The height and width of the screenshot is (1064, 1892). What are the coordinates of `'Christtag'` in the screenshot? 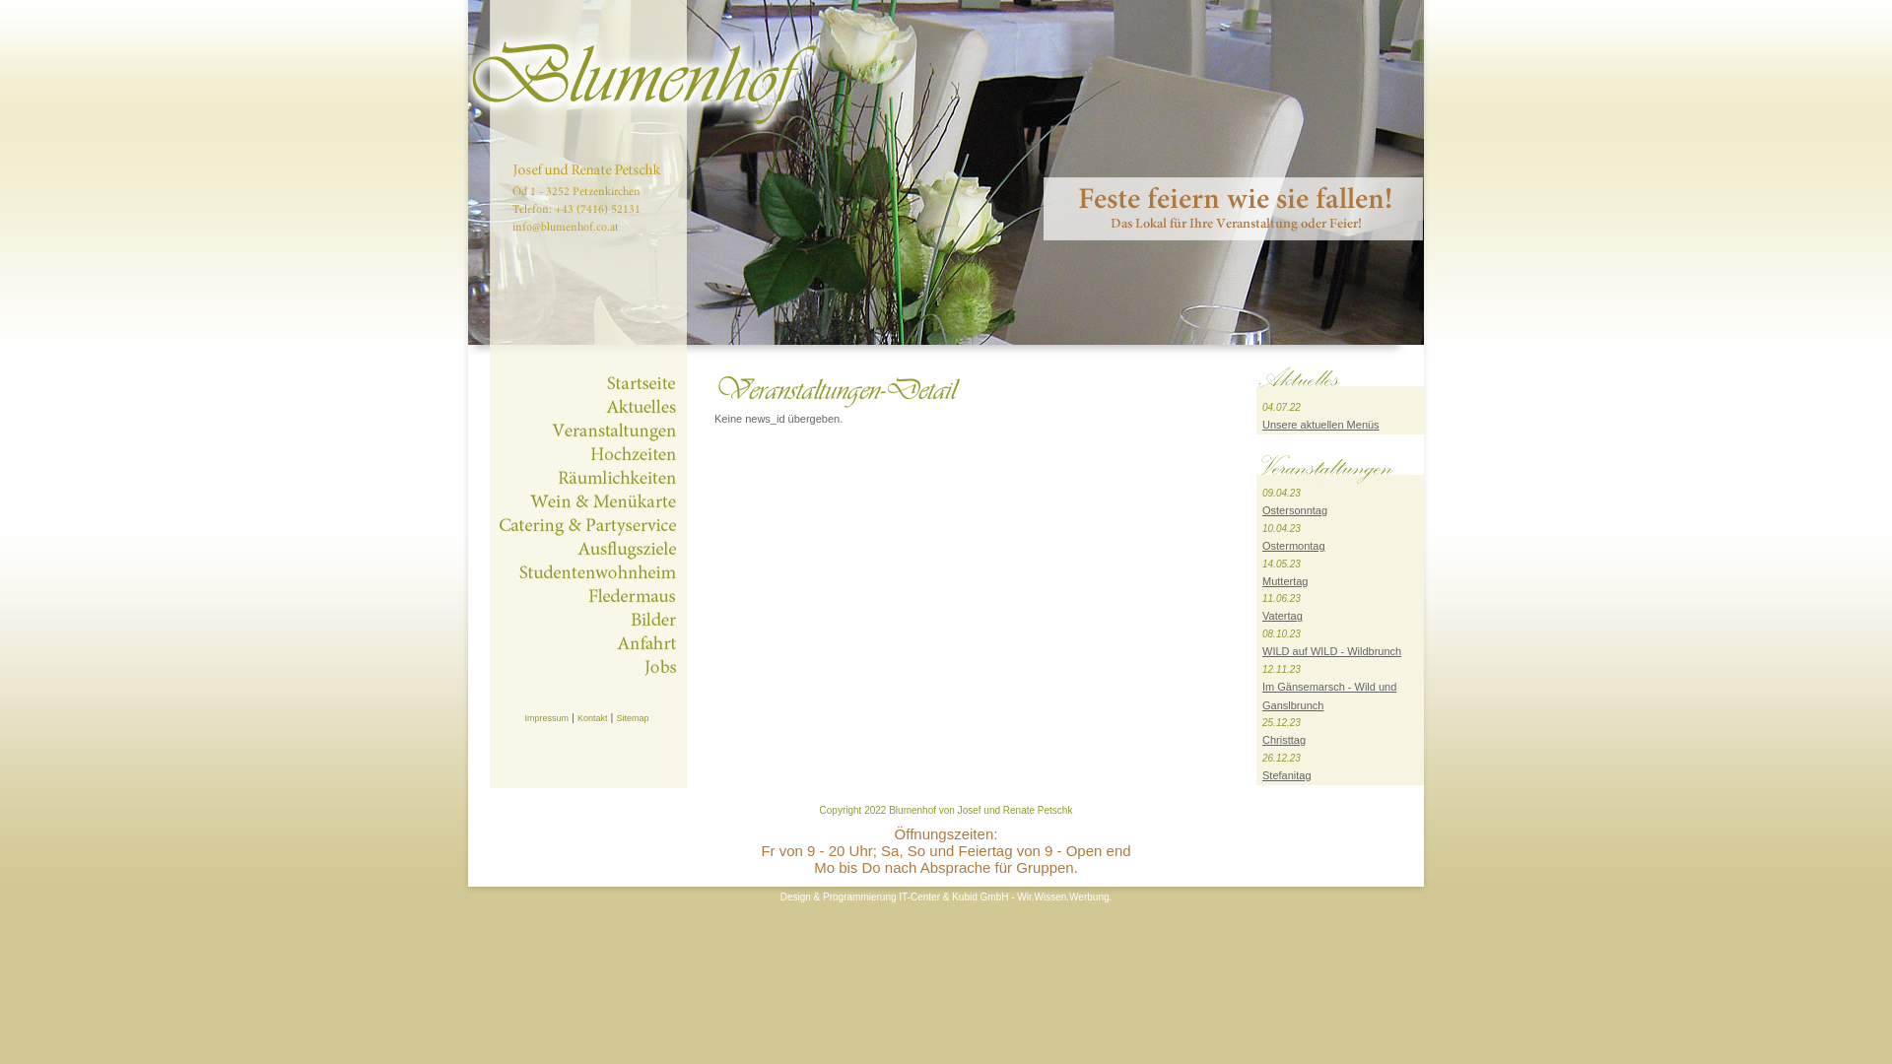 It's located at (1283, 740).